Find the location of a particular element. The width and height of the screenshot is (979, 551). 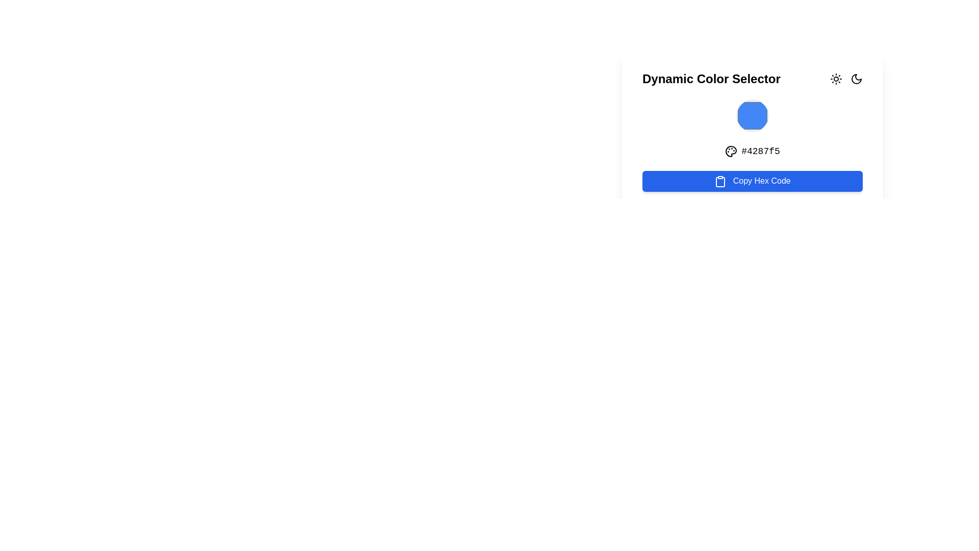

the SVG Icon located at the top right corner of the interface, aligned with the title 'Dynamic Color Selector' is located at coordinates (857, 78).